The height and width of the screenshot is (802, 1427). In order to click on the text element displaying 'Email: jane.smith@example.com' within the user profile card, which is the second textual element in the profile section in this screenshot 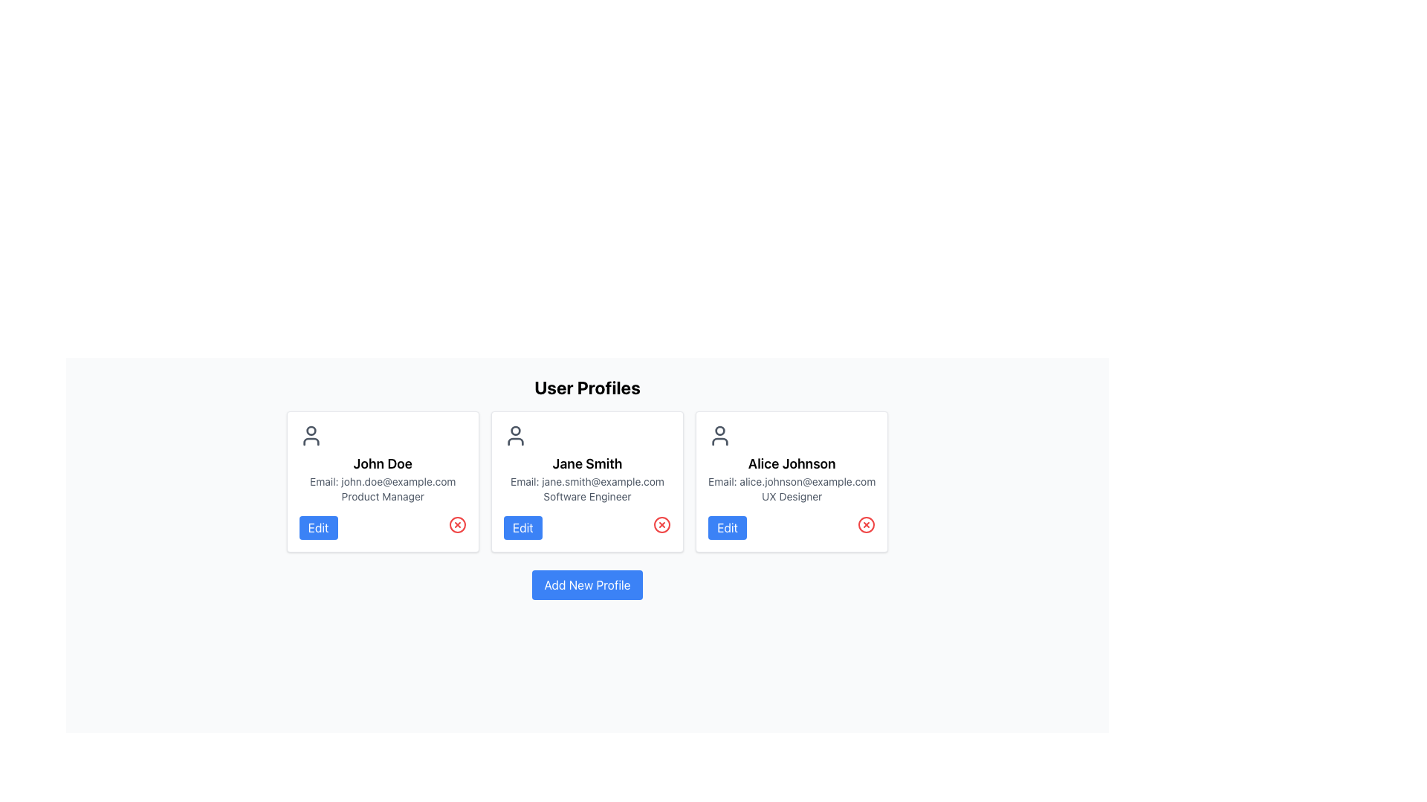, I will do `click(586, 481)`.